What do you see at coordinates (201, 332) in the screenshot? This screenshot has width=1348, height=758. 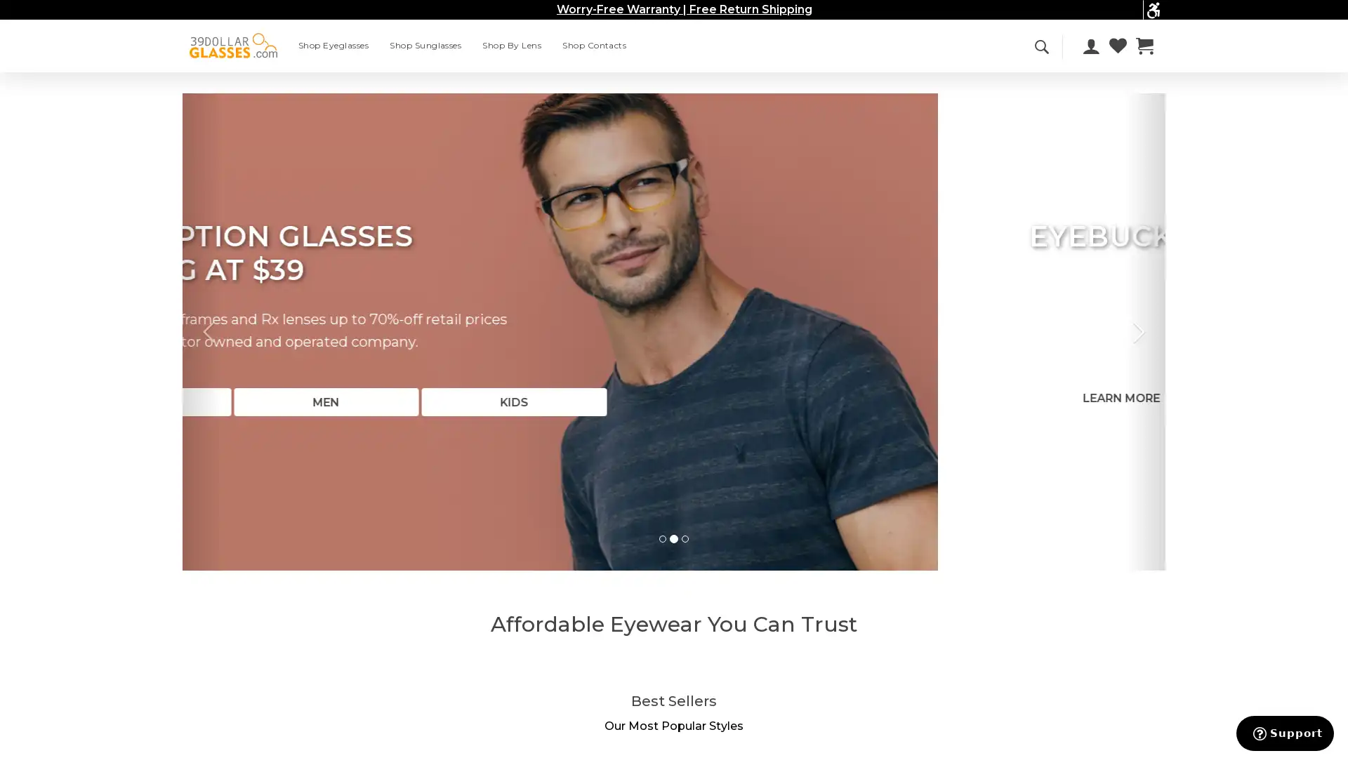 I see `Previous` at bounding box center [201, 332].